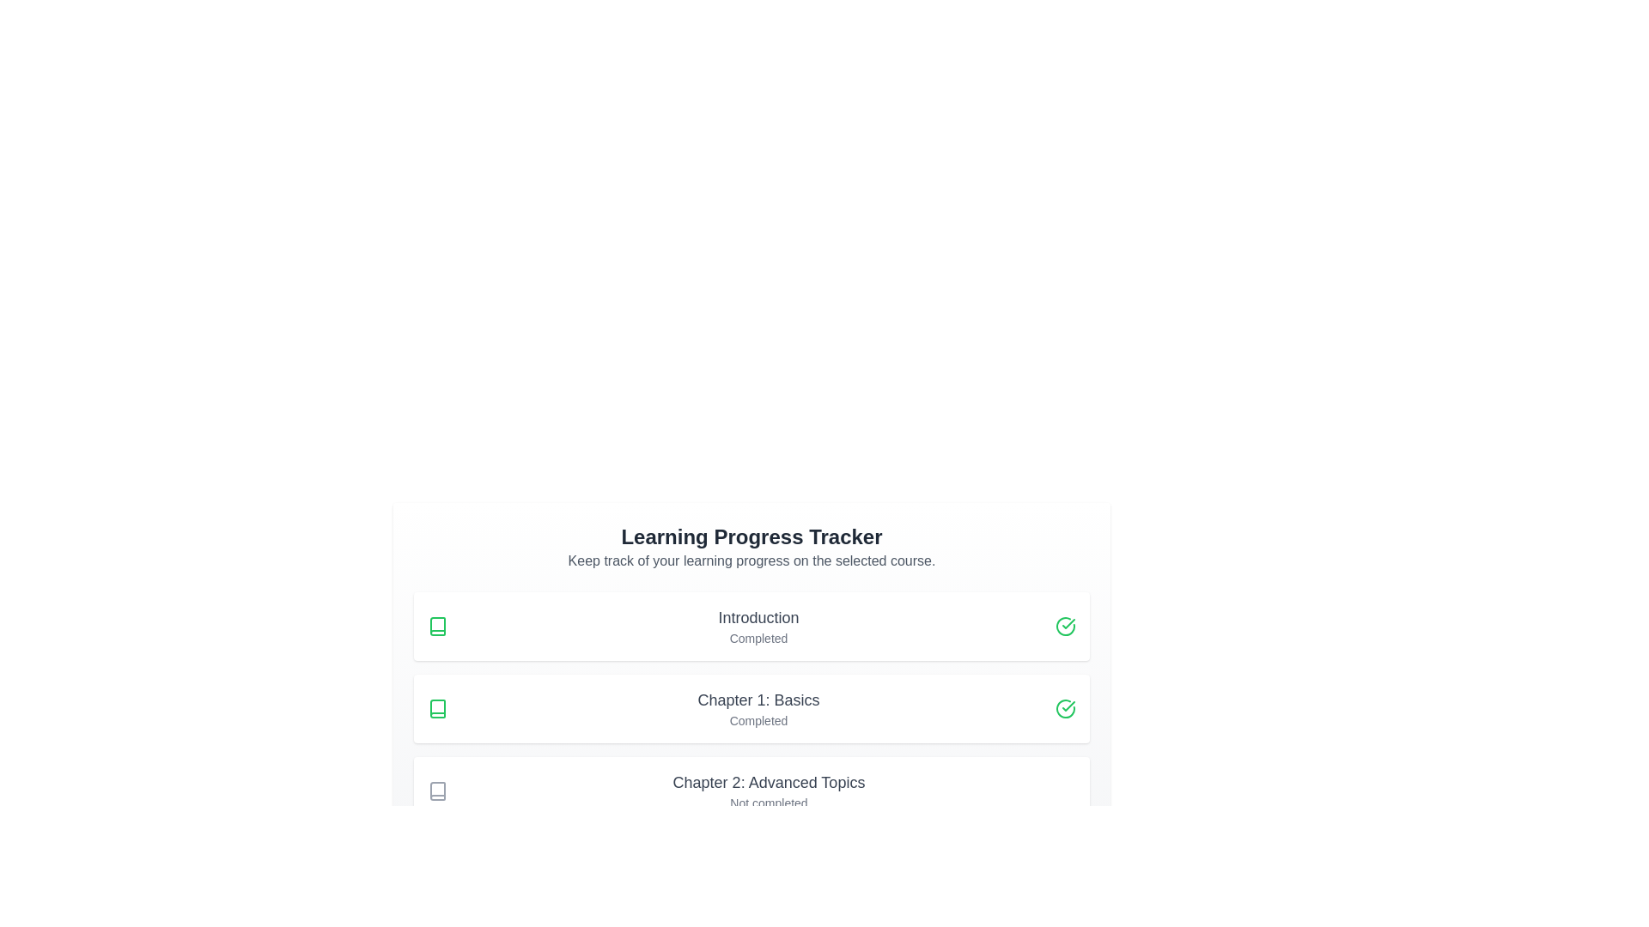  I want to click on the text block representing the learning module labeled 'Introduction' that displays its status as 'Completed', so click(758, 626).